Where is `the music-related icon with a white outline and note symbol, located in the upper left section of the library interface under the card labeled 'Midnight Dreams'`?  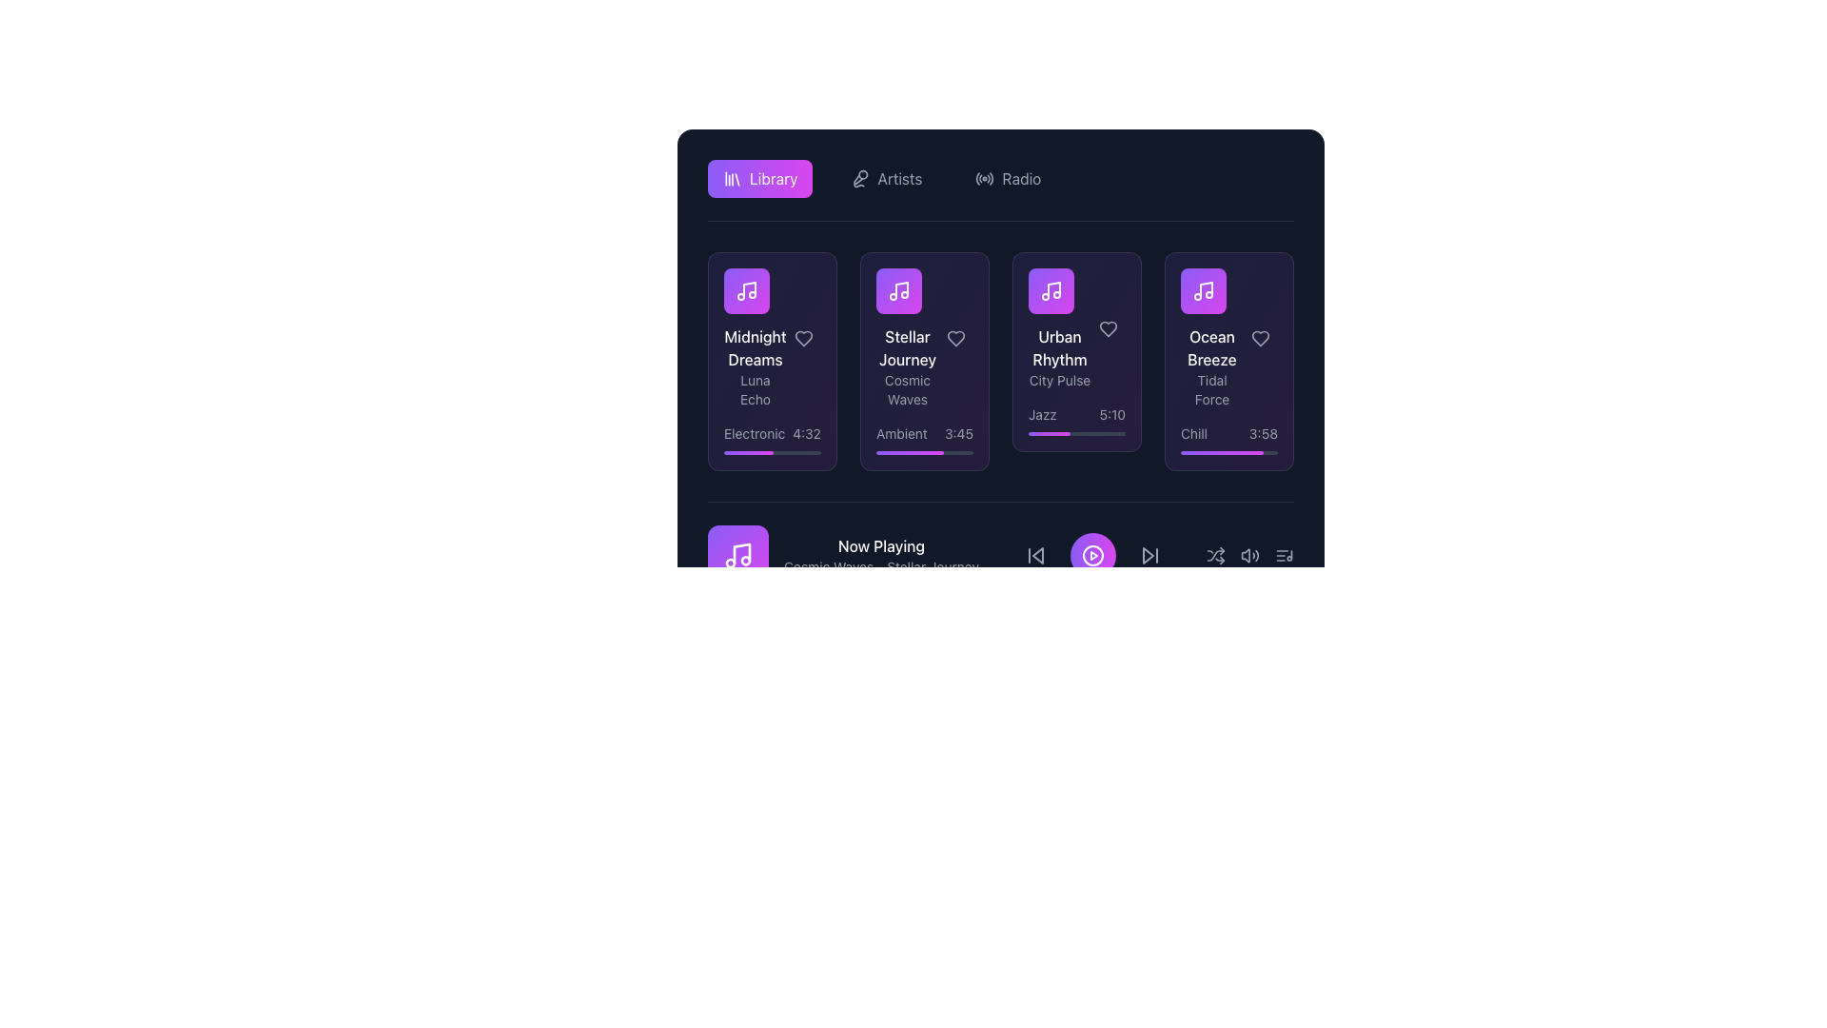
the music-related icon with a white outline and note symbol, located in the upper left section of the library interface under the card labeled 'Midnight Dreams' is located at coordinates (746, 290).